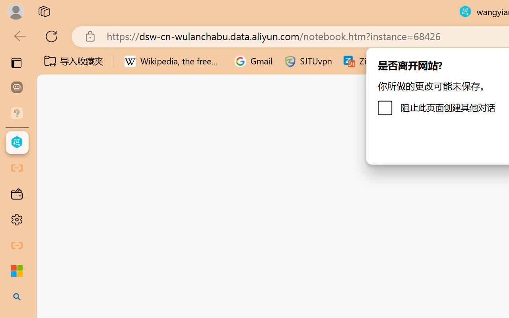 The width and height of the screenshot is (509, 318). I want to click on 'Wikipedia, the free encyclopedia', so click(173, 61).